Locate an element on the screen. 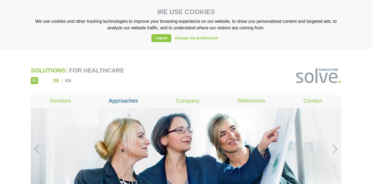 Image resolution: width=372 pixels, height=184 pixels. 'I agree' is located at coordinates (161, 38).